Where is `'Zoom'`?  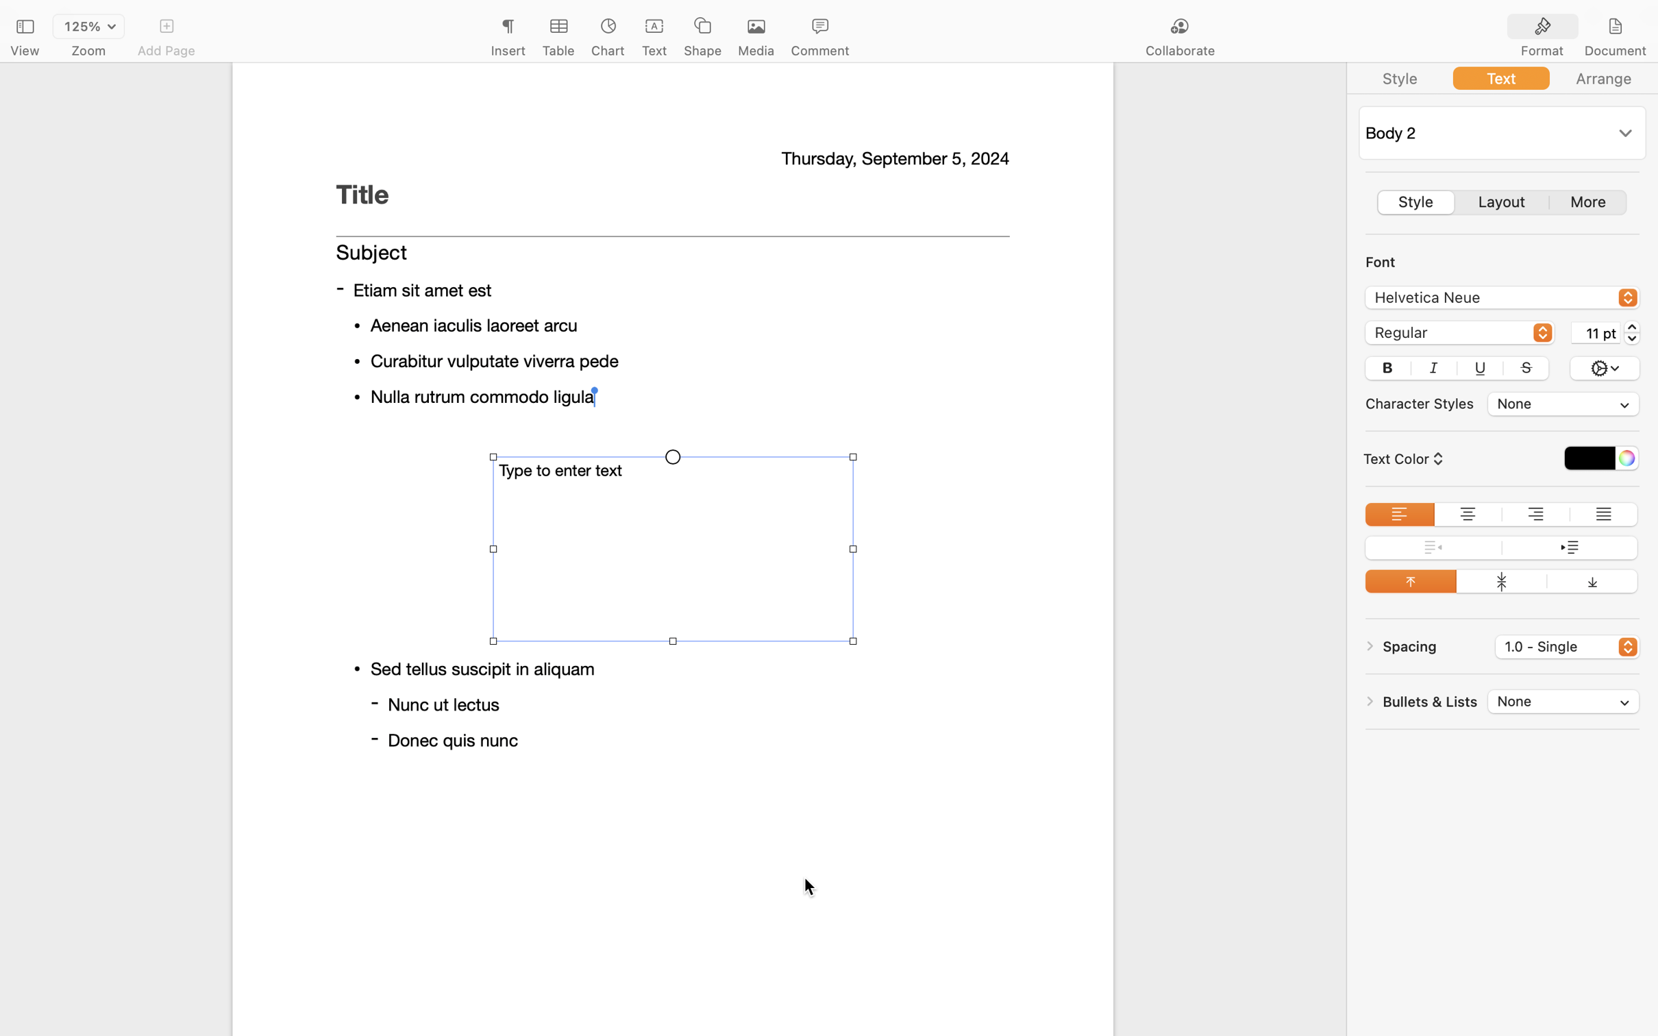 'Zoom' is located at coordinates (88, 51).